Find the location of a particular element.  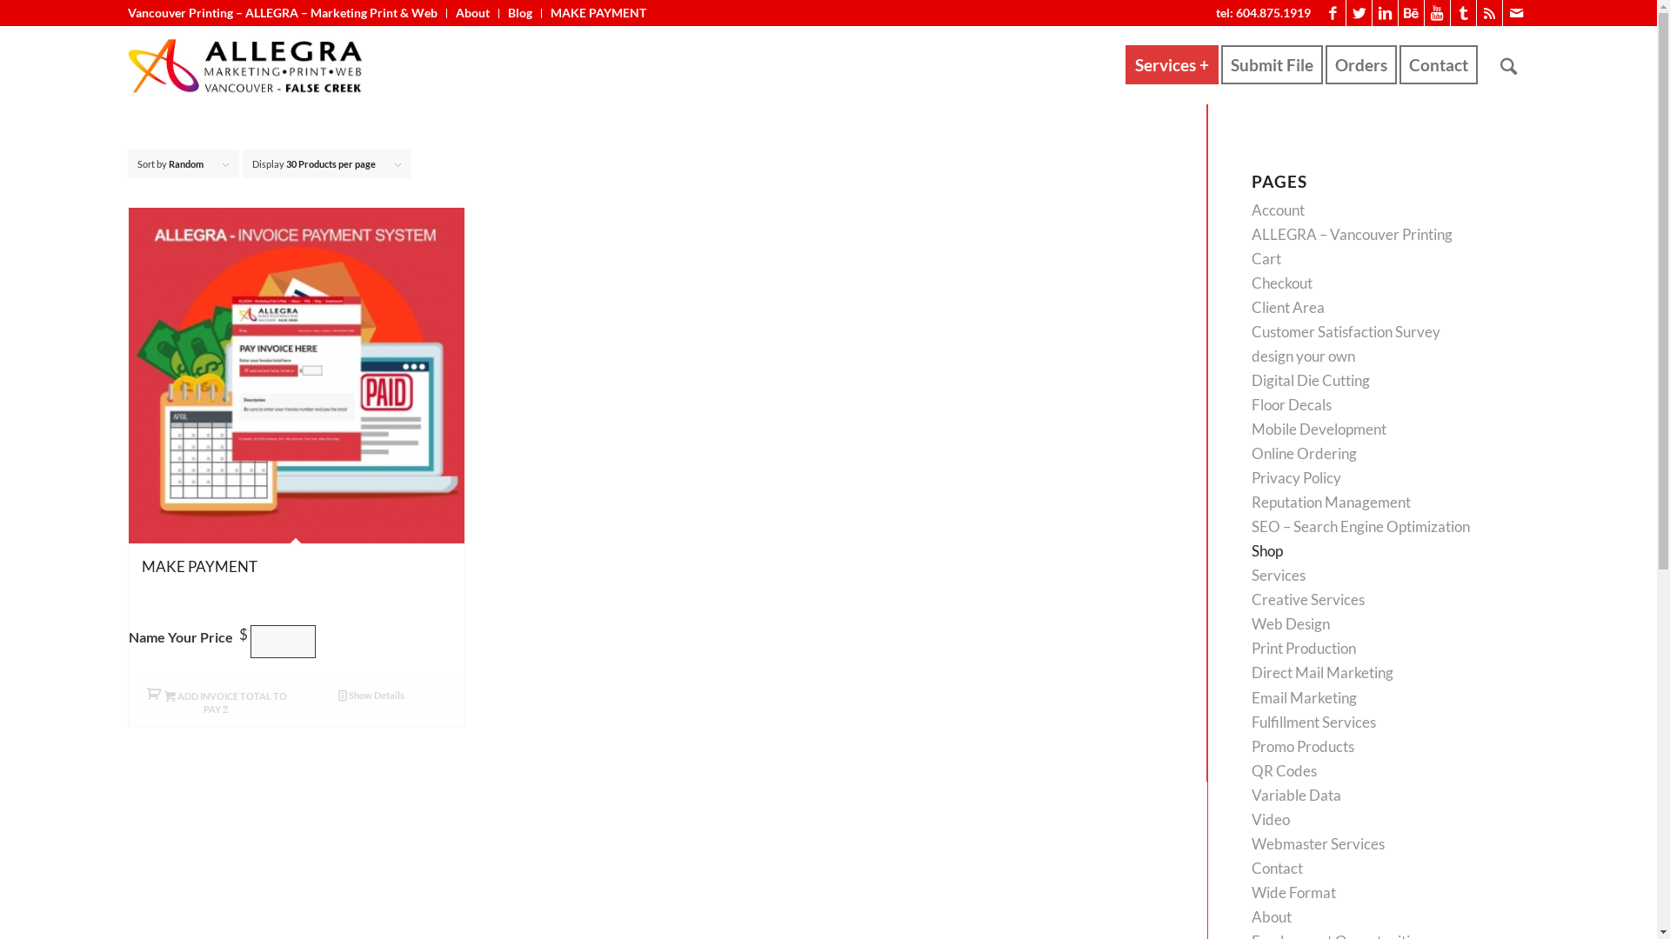

'Checkout' is located at coordinates (1251, 282).